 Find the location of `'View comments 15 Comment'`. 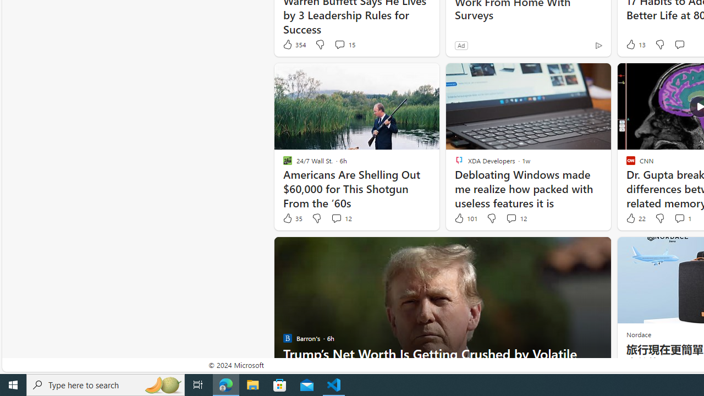

'View comments 15 Comment' is located at coordinates (339, 44).